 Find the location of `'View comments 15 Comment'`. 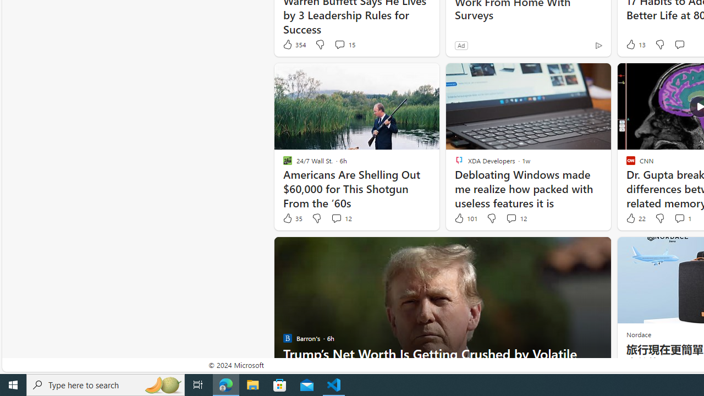

'View comments 15 Comment' is located at coordinates (339, 44).